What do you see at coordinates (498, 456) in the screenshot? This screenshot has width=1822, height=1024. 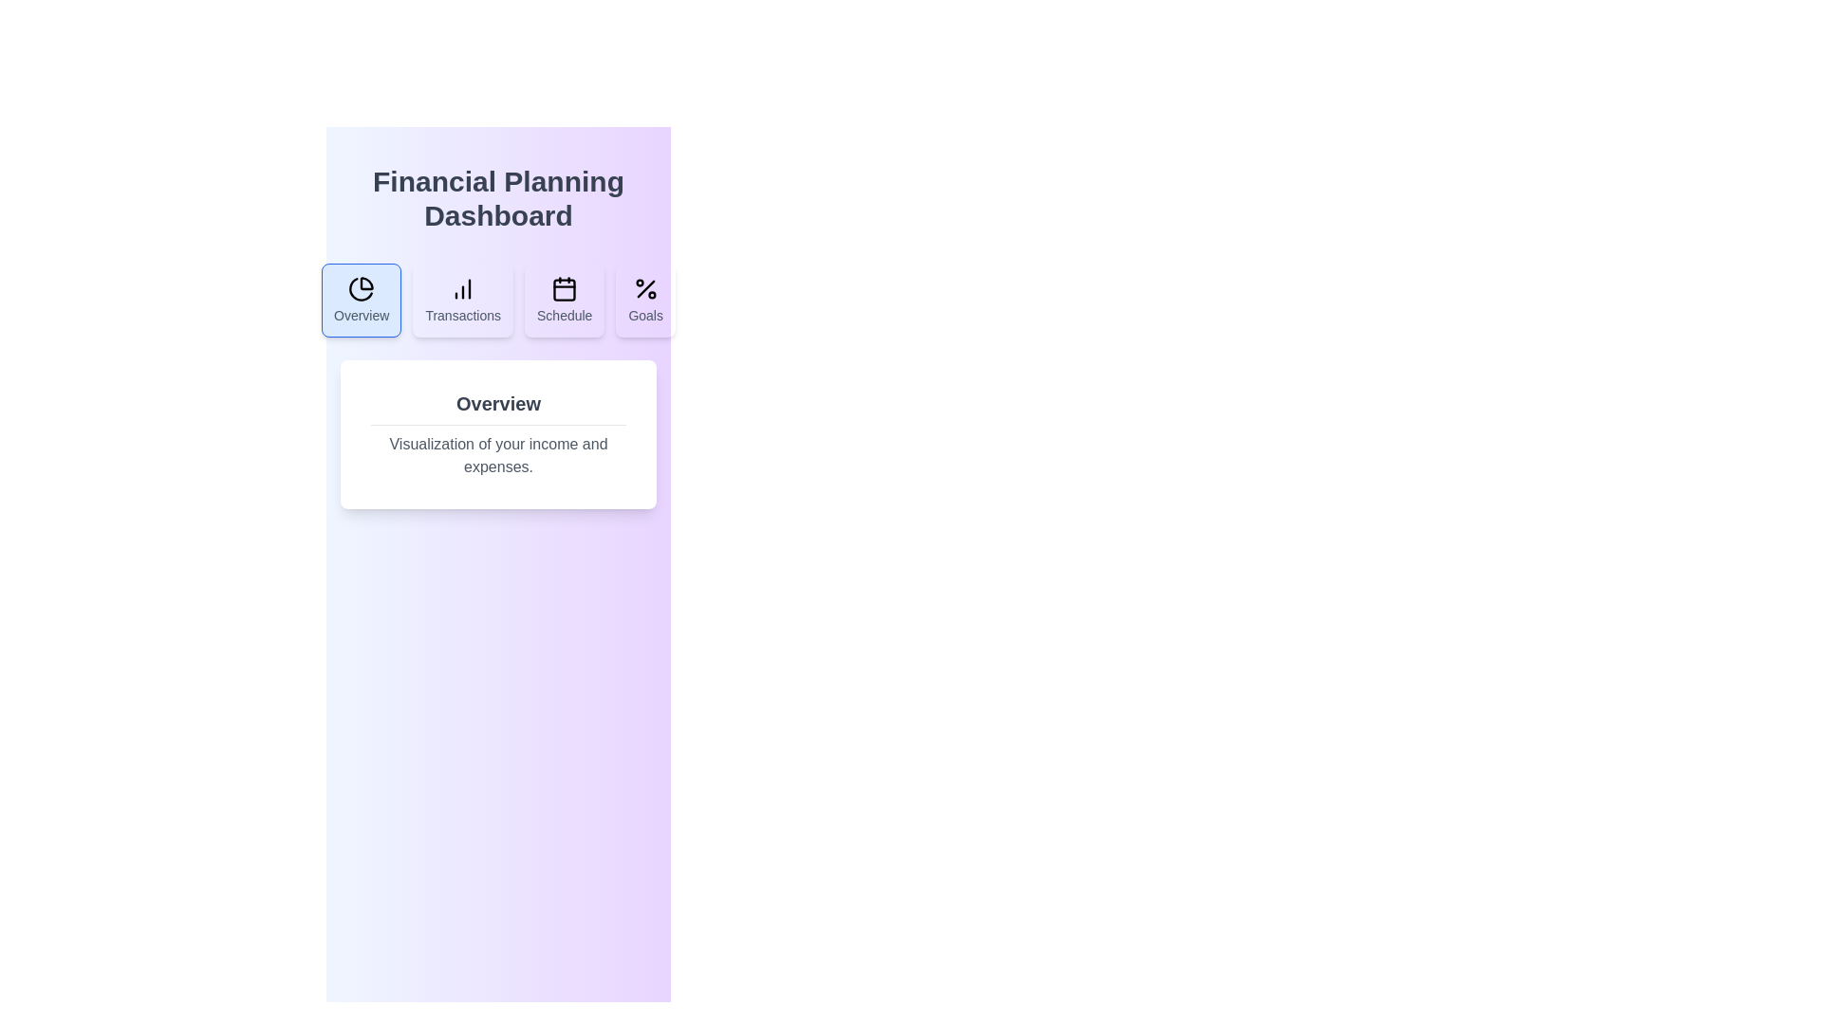 I see `the static text label that provides supplementary information about the 'Overview' section of the application, located within a prominent white rectangular card below the menu bar` at bounding box center [498, 456].